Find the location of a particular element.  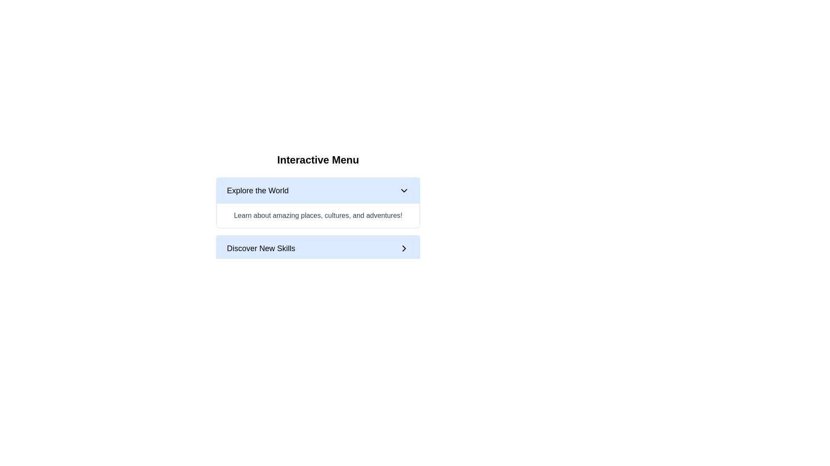

the 'chevron-right' icon located at the right end of the 'Discover New Skills' menu option is located at coordinates (404, 248).